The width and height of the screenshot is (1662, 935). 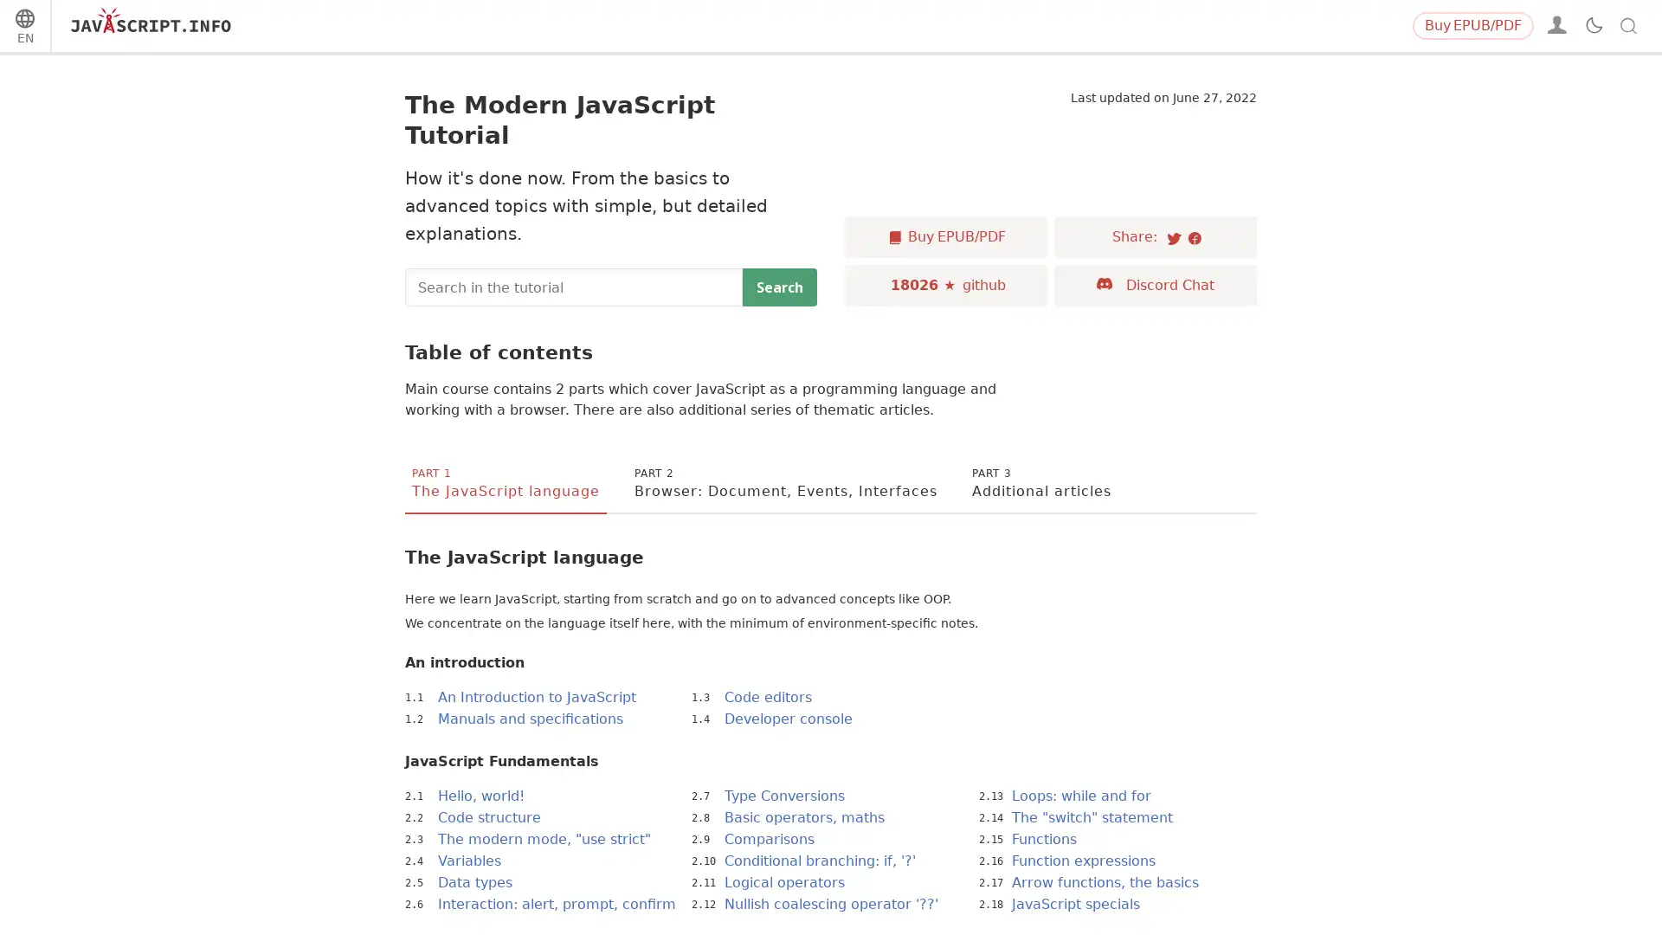 I want to click on EN, so click(x=24, y=29).